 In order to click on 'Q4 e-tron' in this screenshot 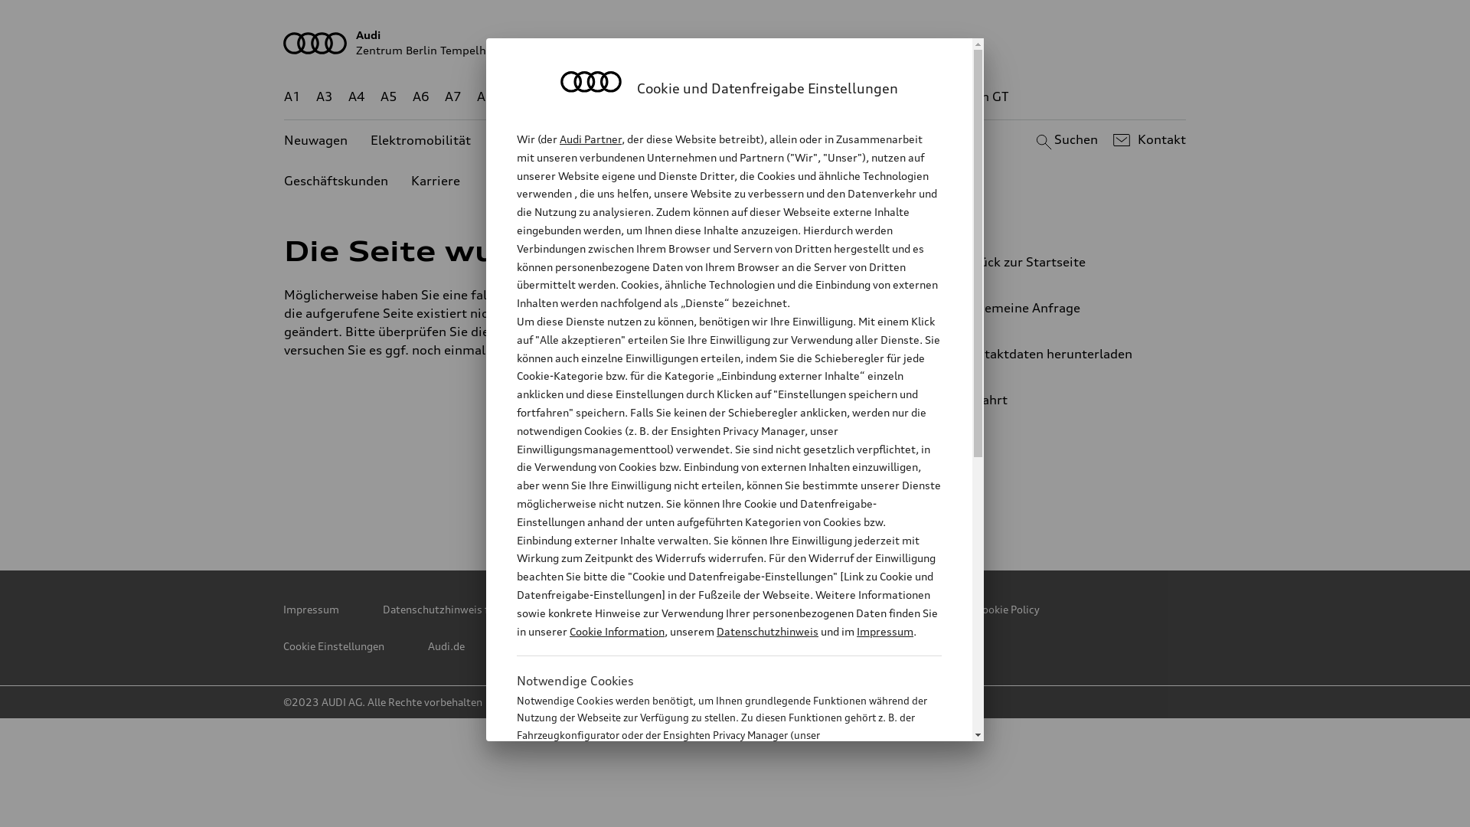, I will do `click(603, 96)`.